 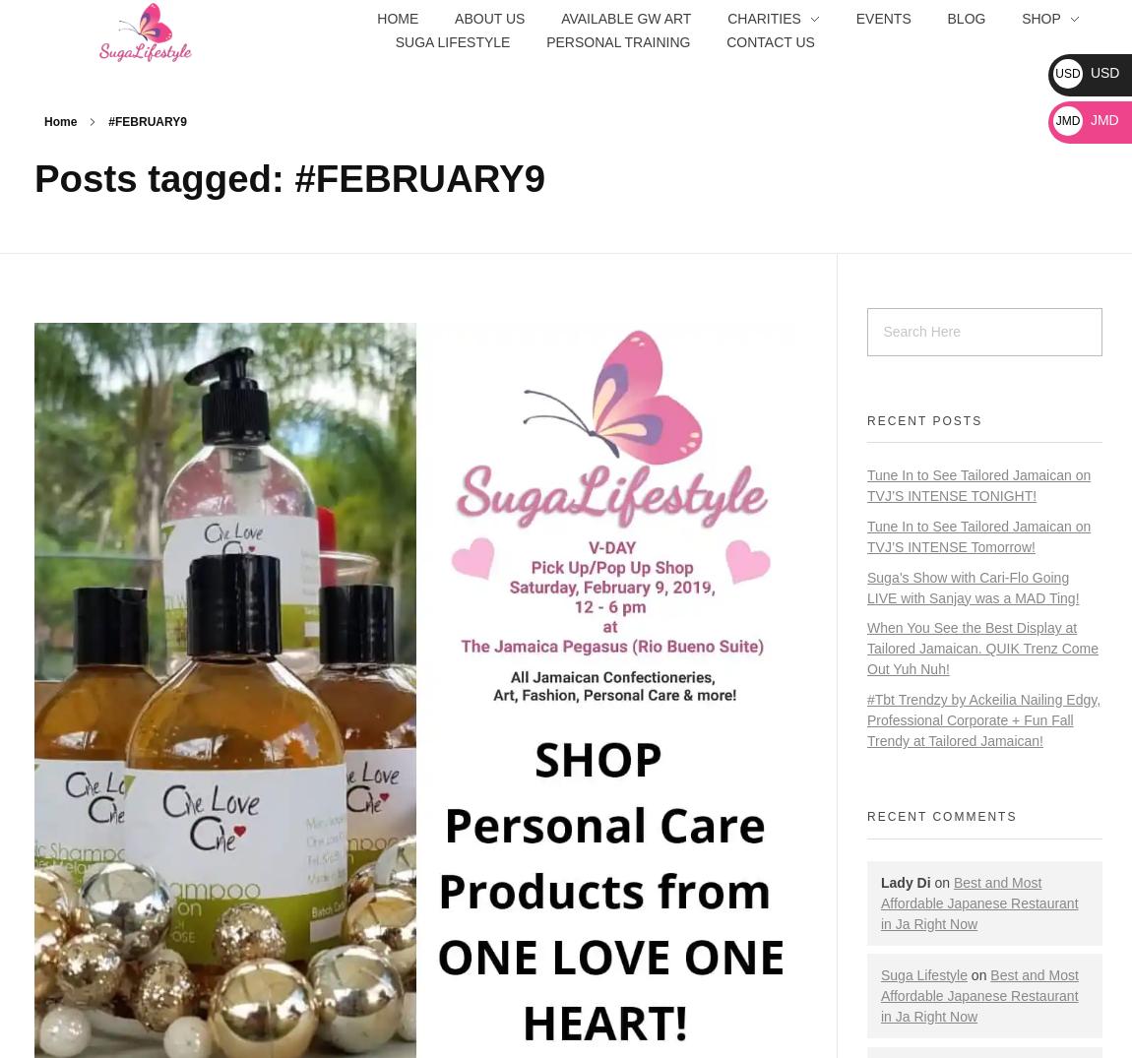 What do you see at coordinates (489, 16) in the screenshot?
I see `'ABOUT US'` at bounding box center [489, 16].